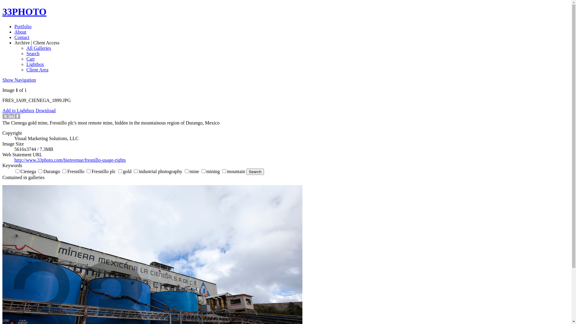  I want to click on 'Show Navigation', so click(19, 79).